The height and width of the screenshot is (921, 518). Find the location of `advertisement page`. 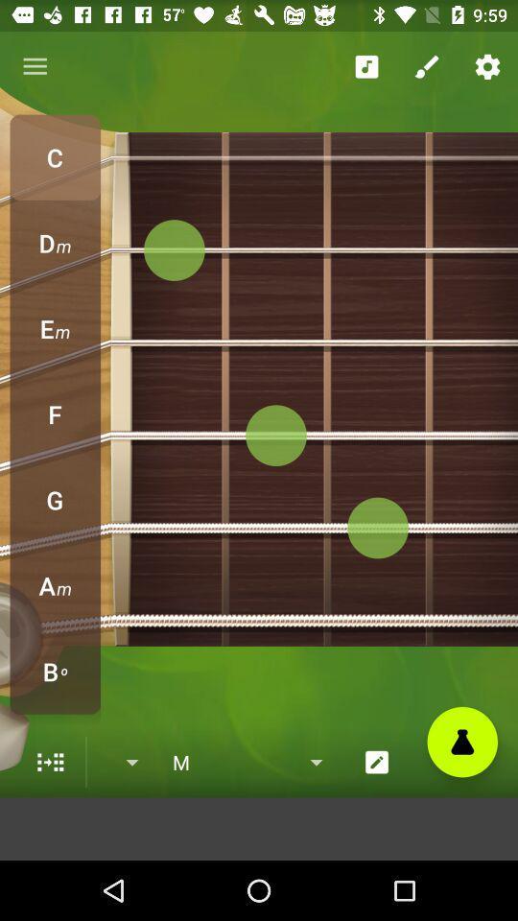

advertisement page is located at coordinates (259, 828).